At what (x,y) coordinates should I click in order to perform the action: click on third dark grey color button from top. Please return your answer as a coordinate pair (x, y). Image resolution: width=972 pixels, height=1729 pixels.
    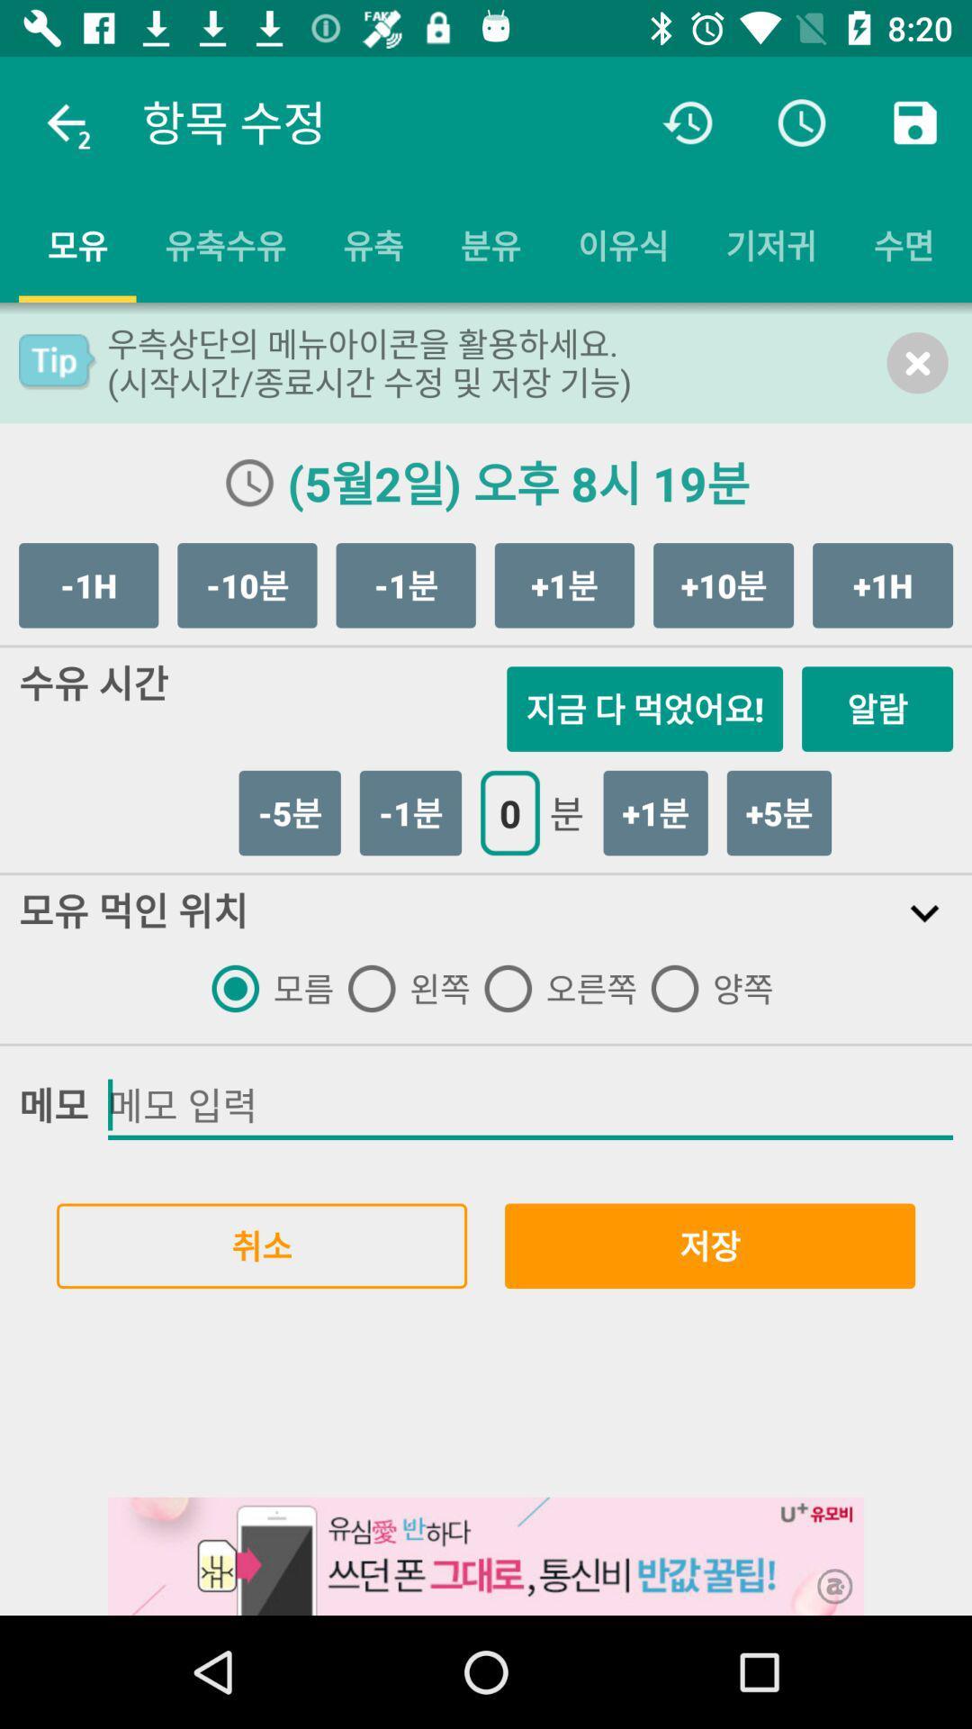
    Looking at the image, I should click on (406, 585).